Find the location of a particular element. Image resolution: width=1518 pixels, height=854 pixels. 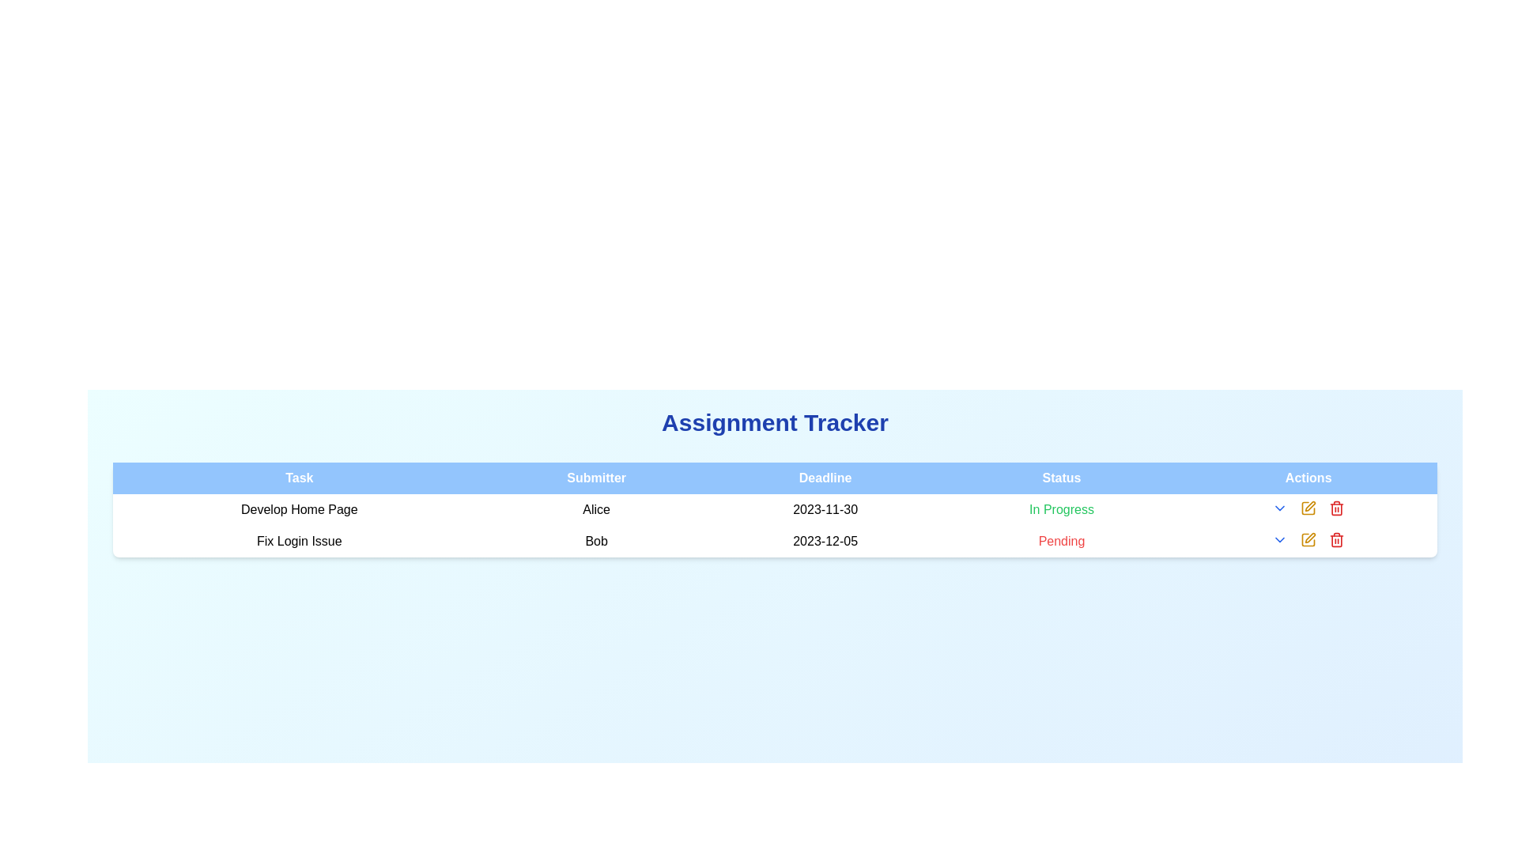

the 'Actions' column header, which is a static text label in bold white font on a light blue background, located in the upper header row as the fifth column header is located at coordinates (1308, 478).